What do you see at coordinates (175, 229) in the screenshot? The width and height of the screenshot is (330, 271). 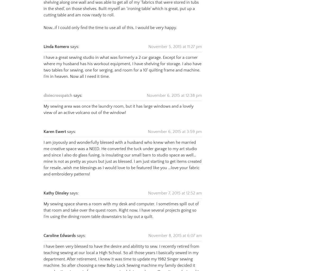 I see `'November 8, 2015 at 6:07 am'` at bounding box center [175, 229].